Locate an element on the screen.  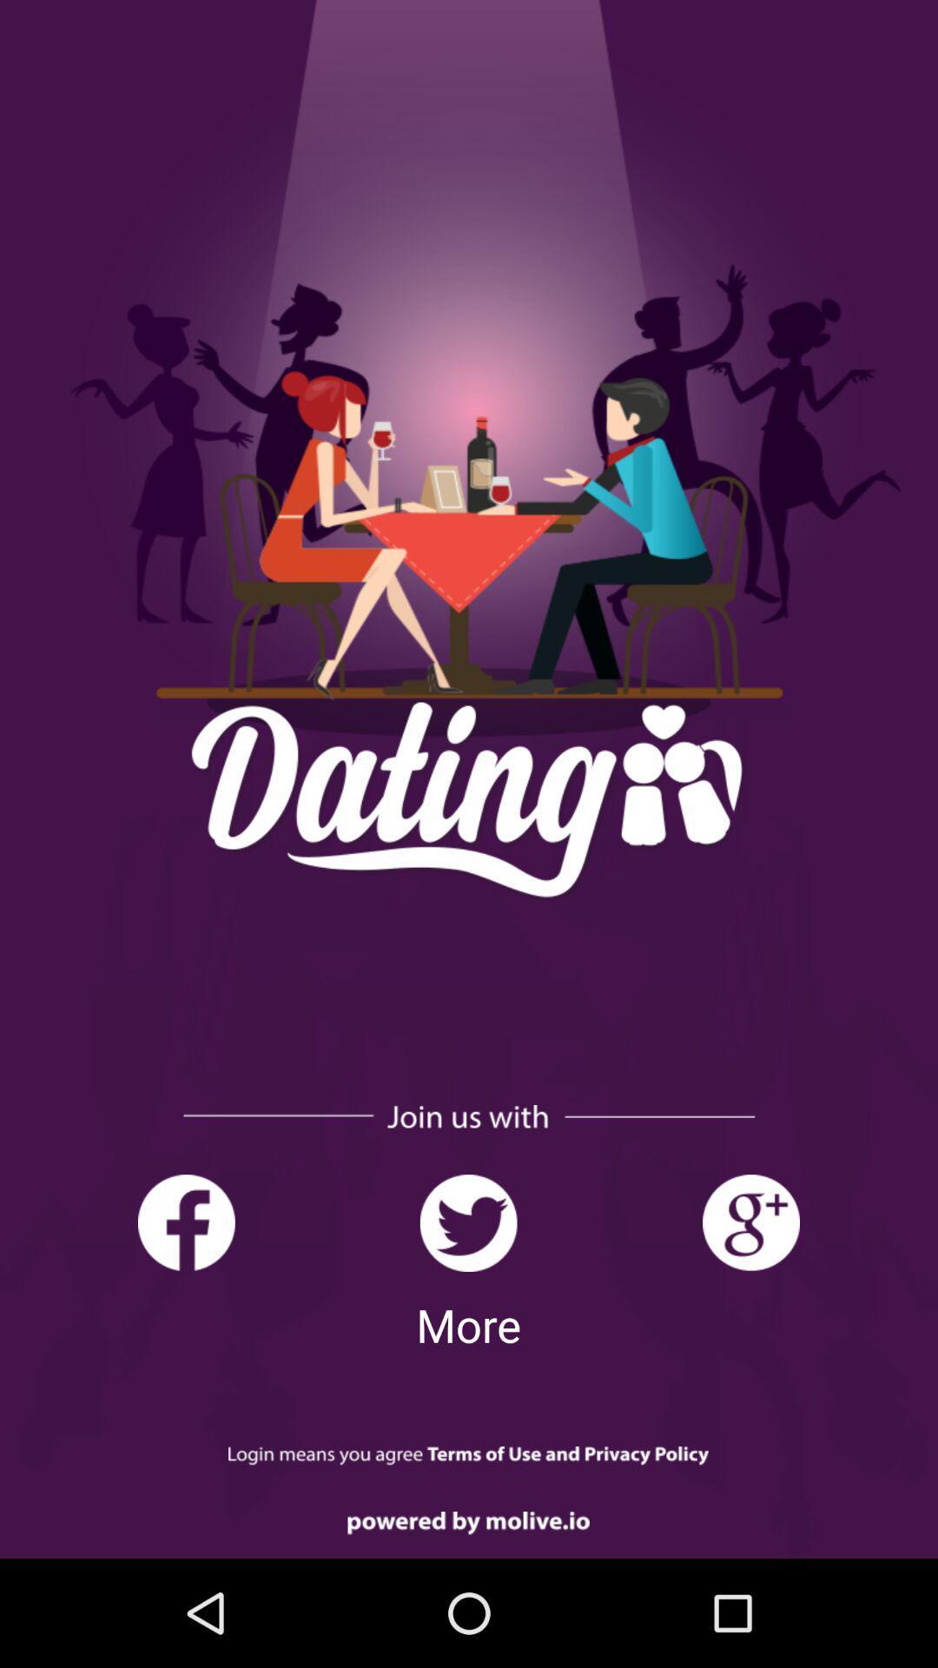
twitter is located at coordinates (467, 1222).